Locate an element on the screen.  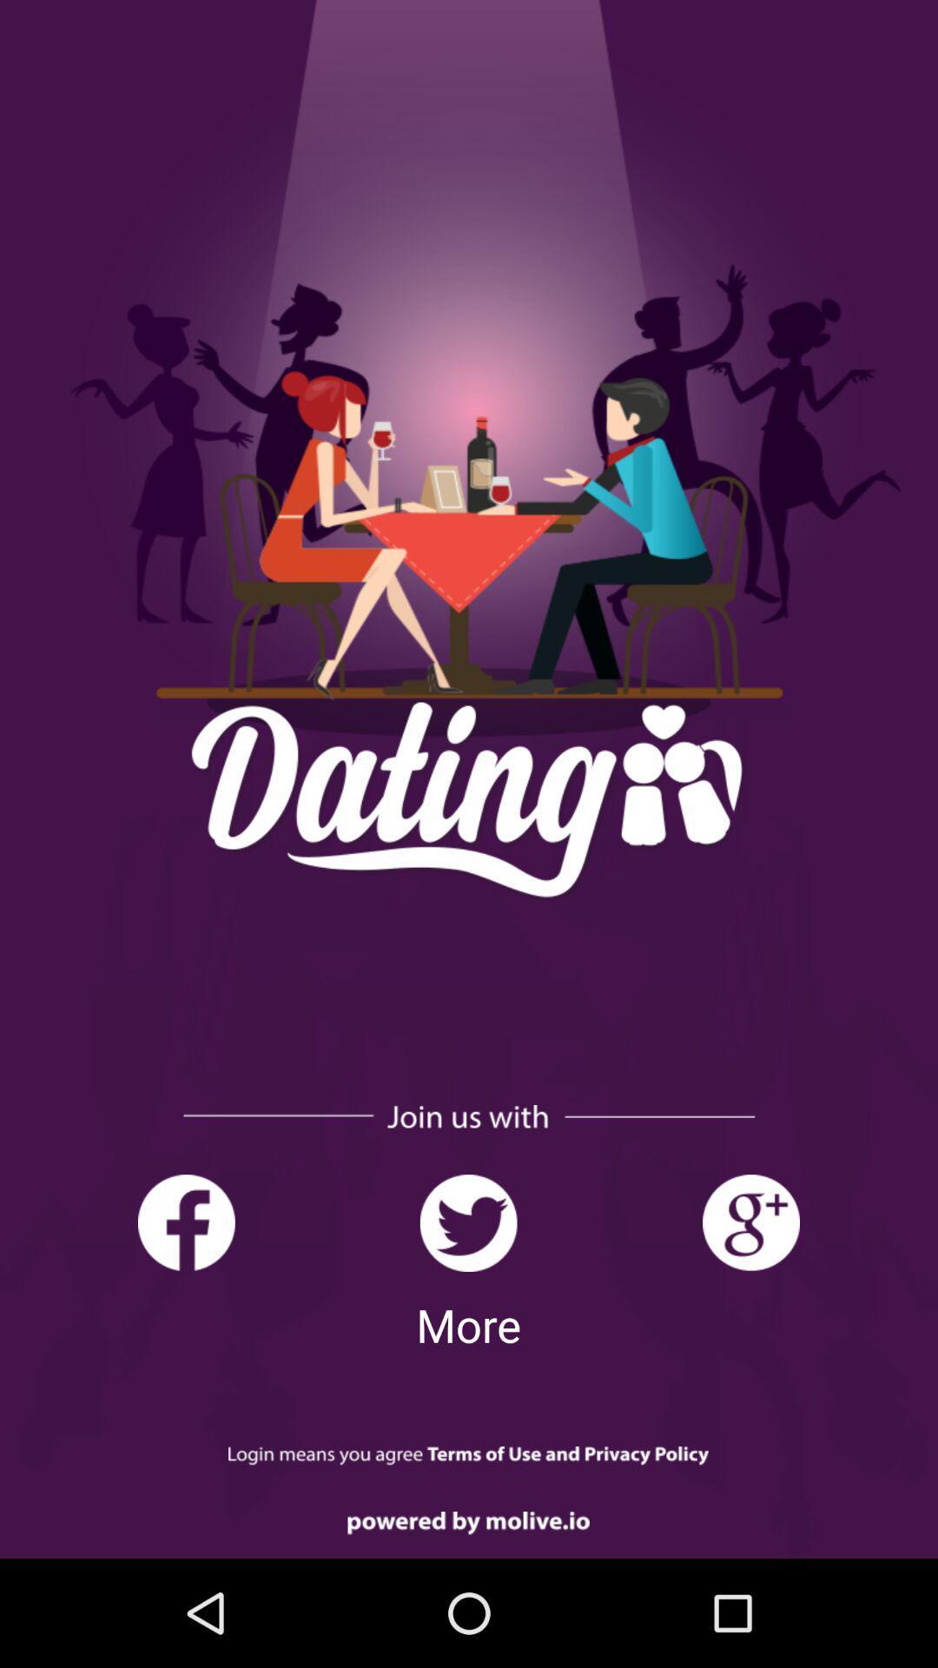
twitter is located at coordinates (467, 1222).